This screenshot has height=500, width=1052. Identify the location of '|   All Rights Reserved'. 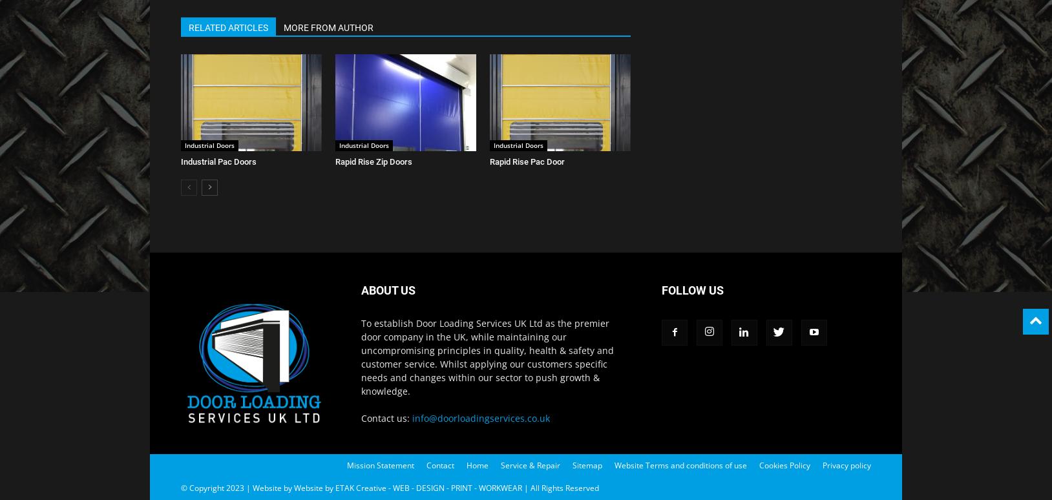
(560, 486).